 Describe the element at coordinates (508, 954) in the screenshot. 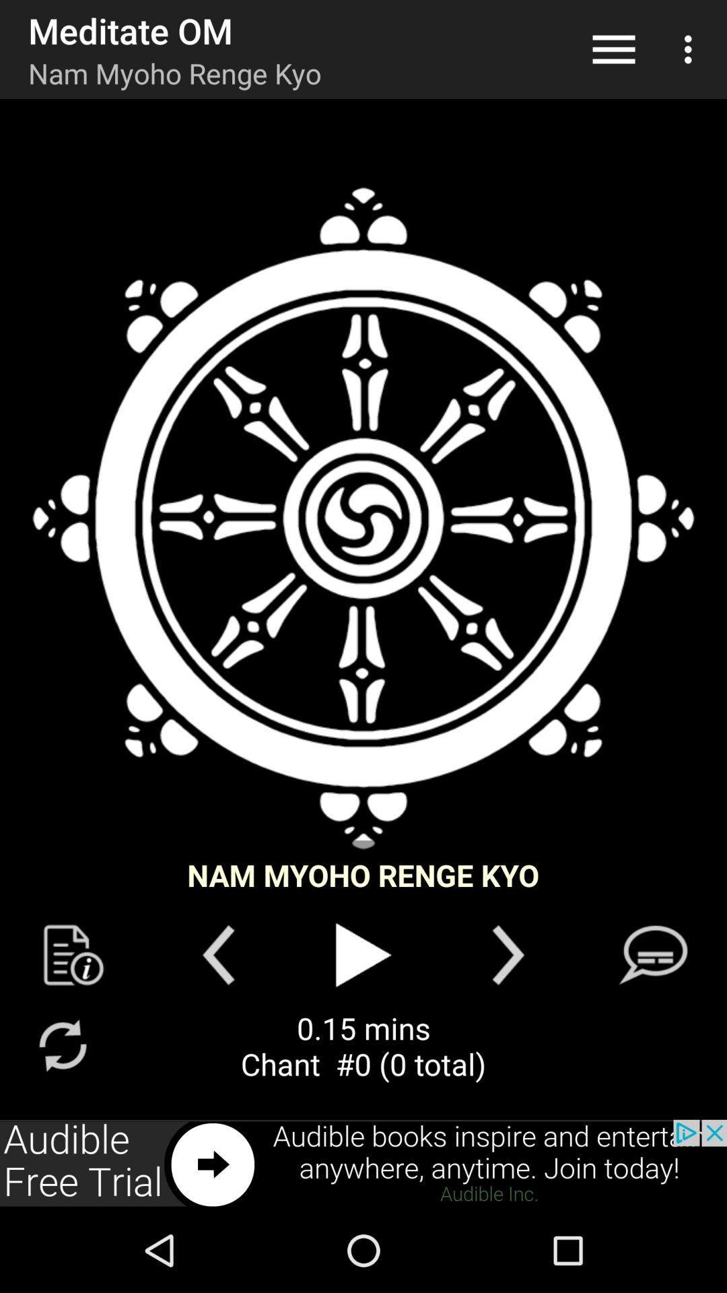

I see `next song play` at that location.